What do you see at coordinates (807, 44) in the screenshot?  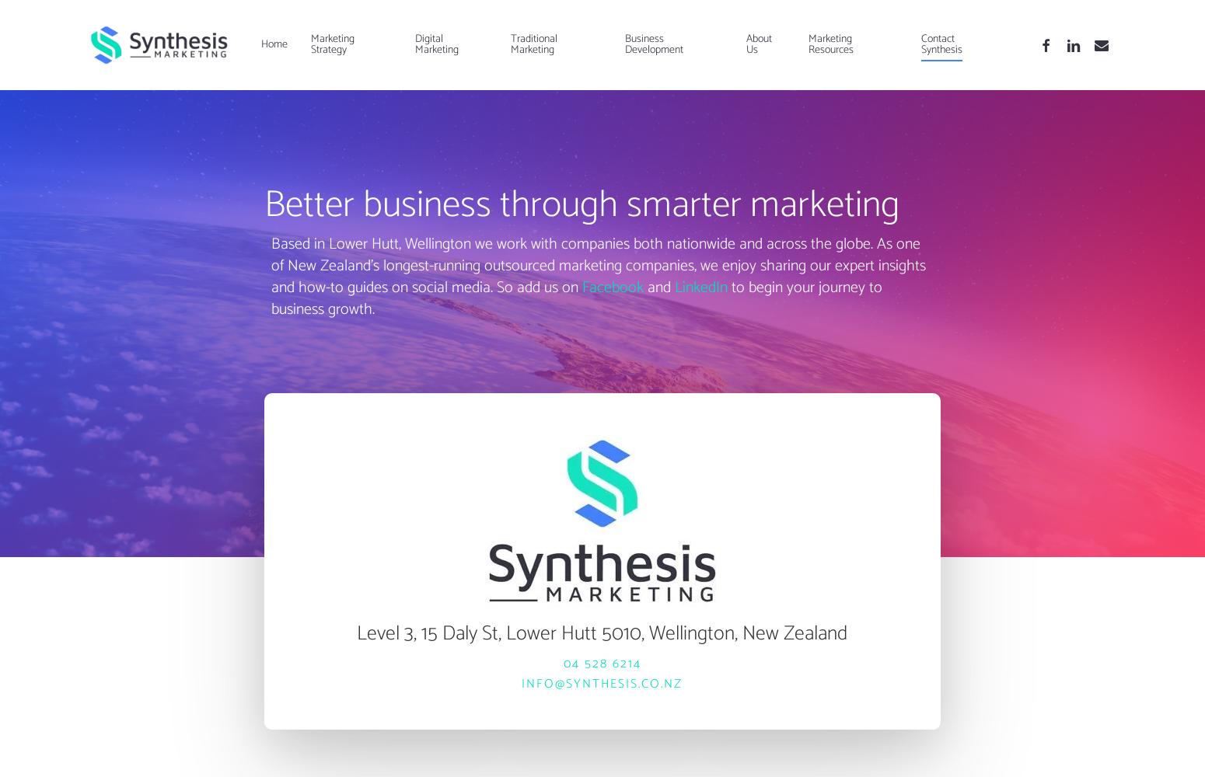 I see `'Marketing Resources'` at bounding box center [807, 44].